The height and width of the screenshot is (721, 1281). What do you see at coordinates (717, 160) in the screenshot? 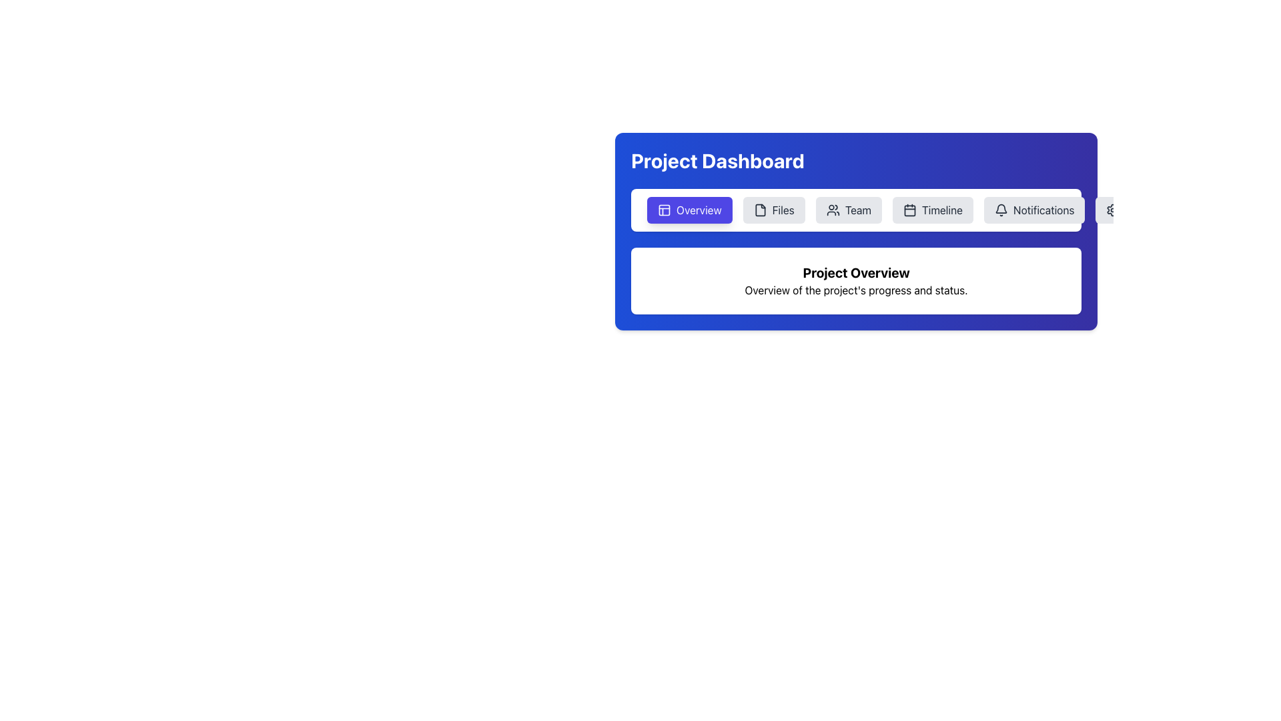
I see `the 'Project Dashboard' text header, which is styled in bold white font against a gradient blue background, located at the top-left of the navigation header in the dashboard` at bounding box center [717, 160].